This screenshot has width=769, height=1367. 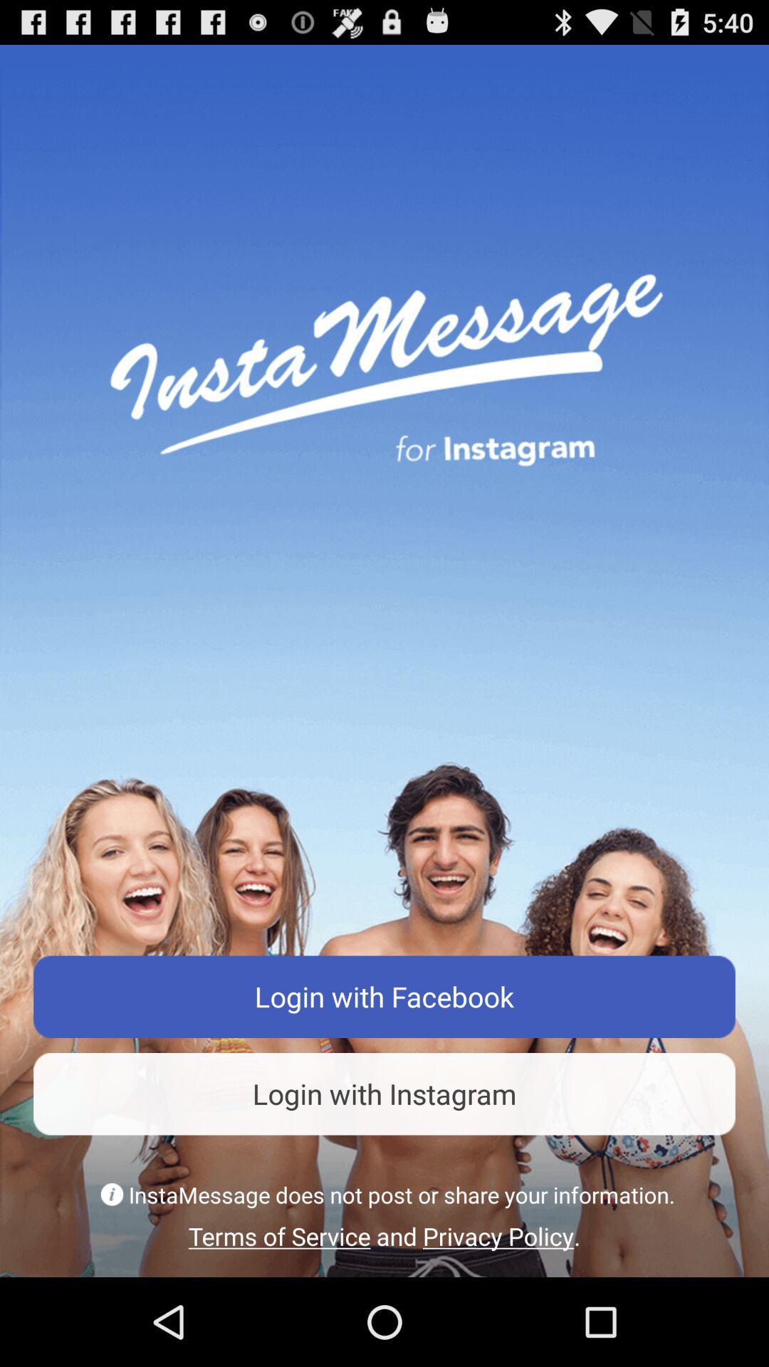 What do you see at coordinates (384, 1235) in the screenshot?
I see `terms of service` at bounding box center [384, 1235].